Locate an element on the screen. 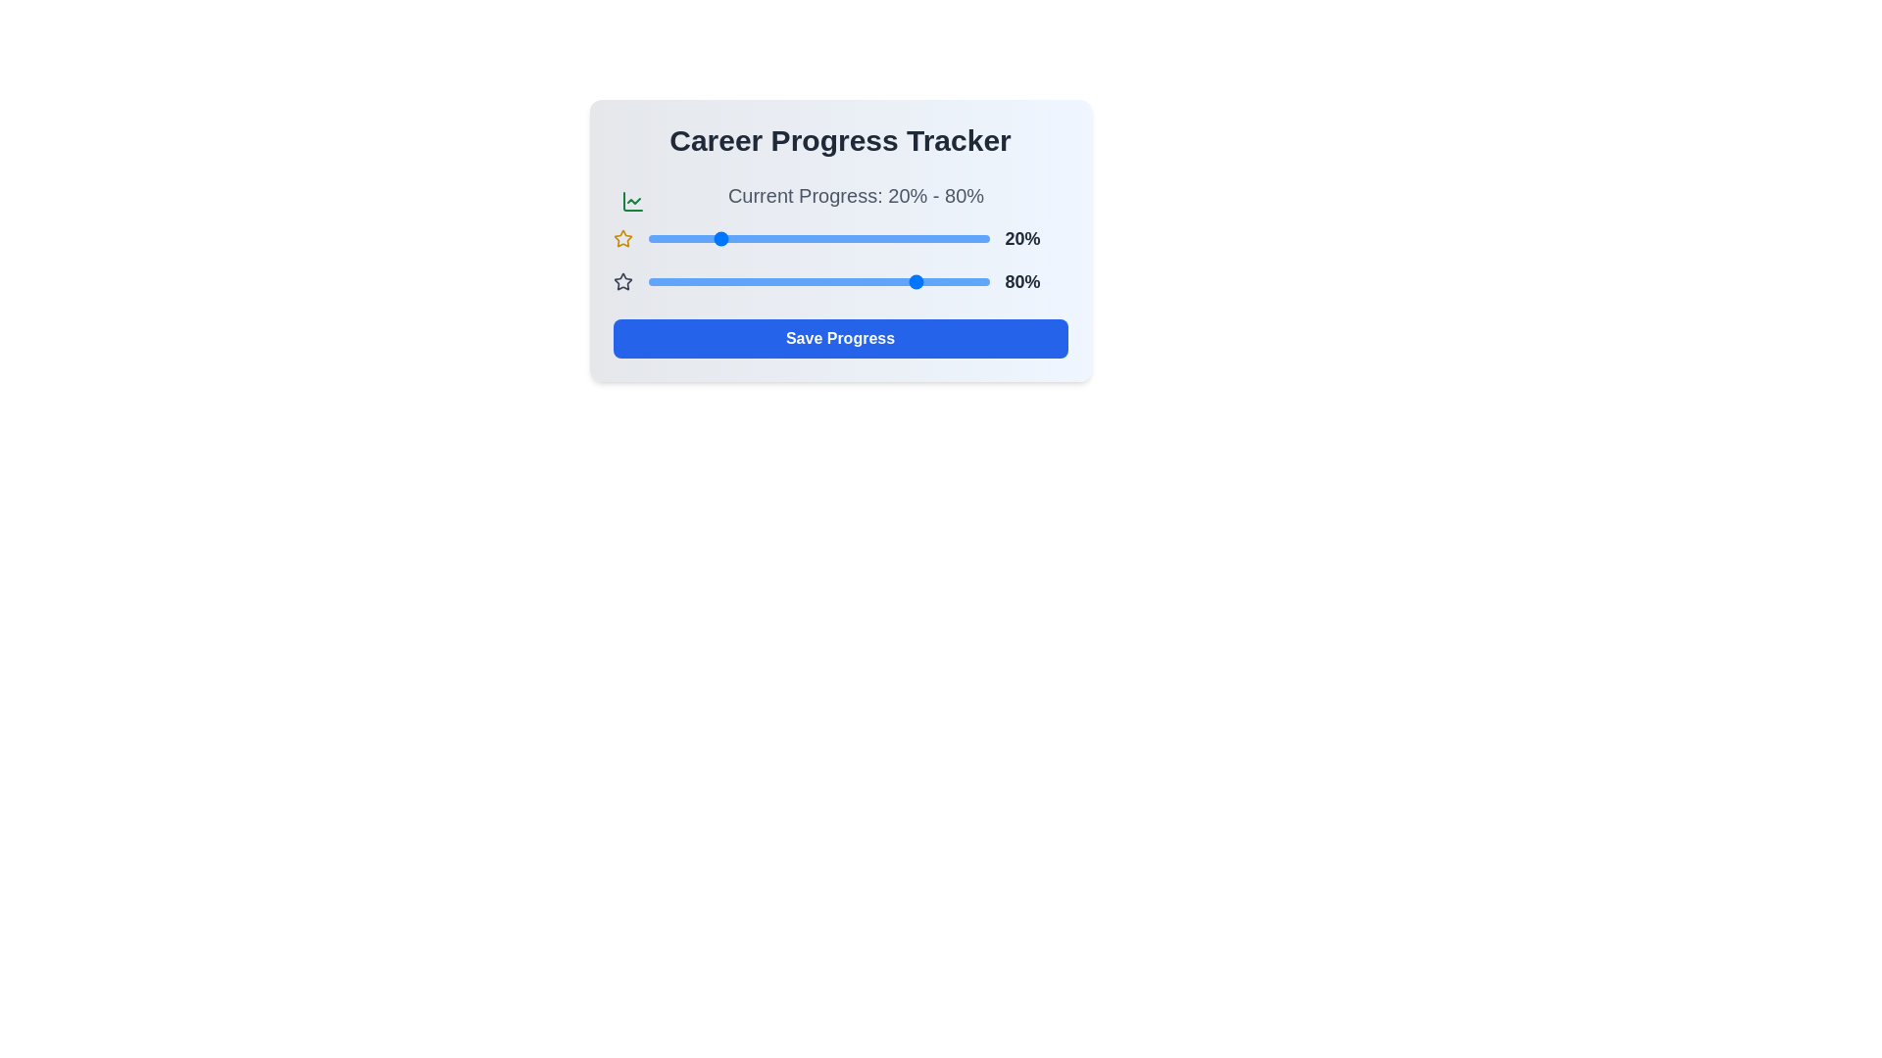  the second progress slider to 79% is located at coordinates (916, 282).